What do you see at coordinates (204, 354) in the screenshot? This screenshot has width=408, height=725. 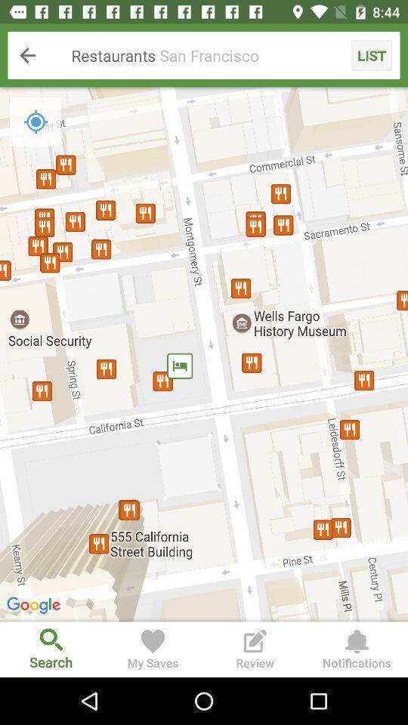 I see `item above the search icon` at bounding box center [204, 354].